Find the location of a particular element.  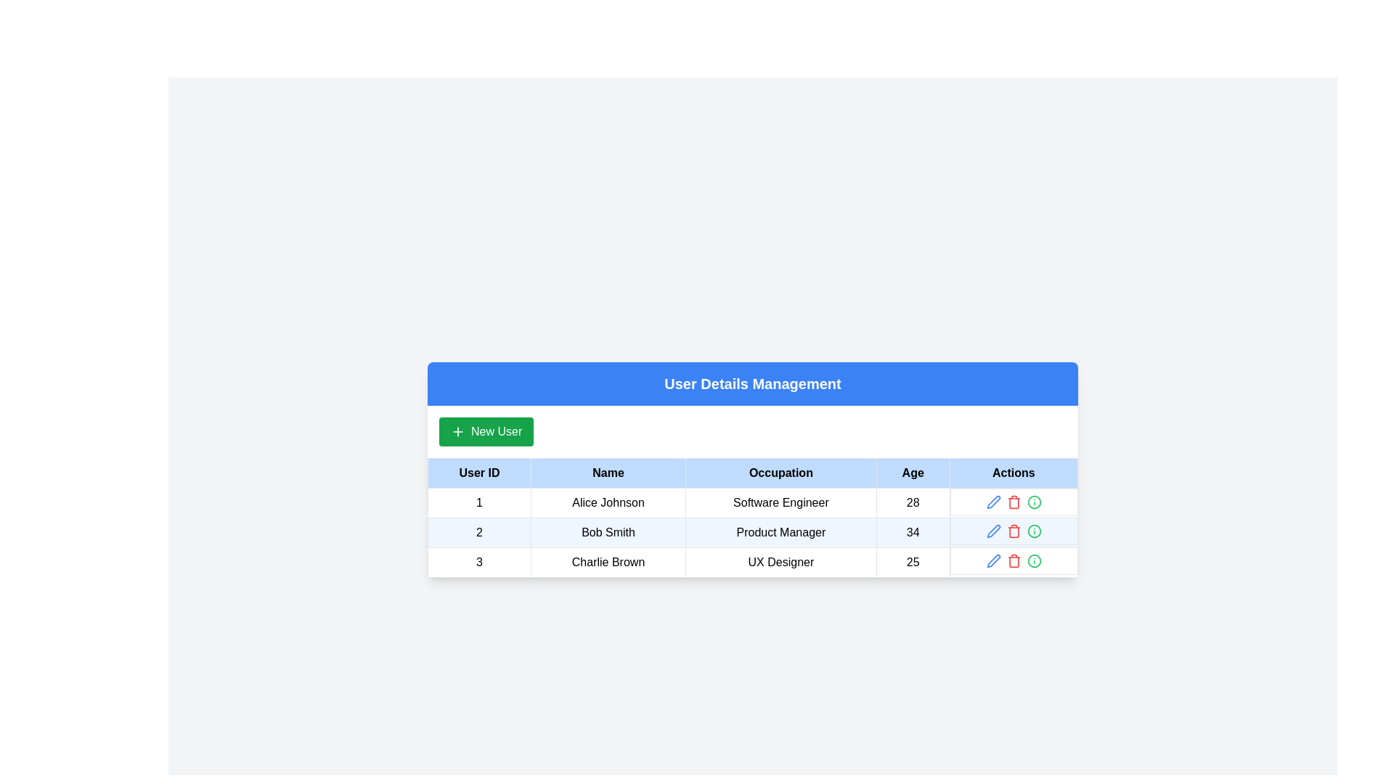

the trash bin icon associated with Charlie Brown's entry in the Actions column is located at coordinates (1013, 502).